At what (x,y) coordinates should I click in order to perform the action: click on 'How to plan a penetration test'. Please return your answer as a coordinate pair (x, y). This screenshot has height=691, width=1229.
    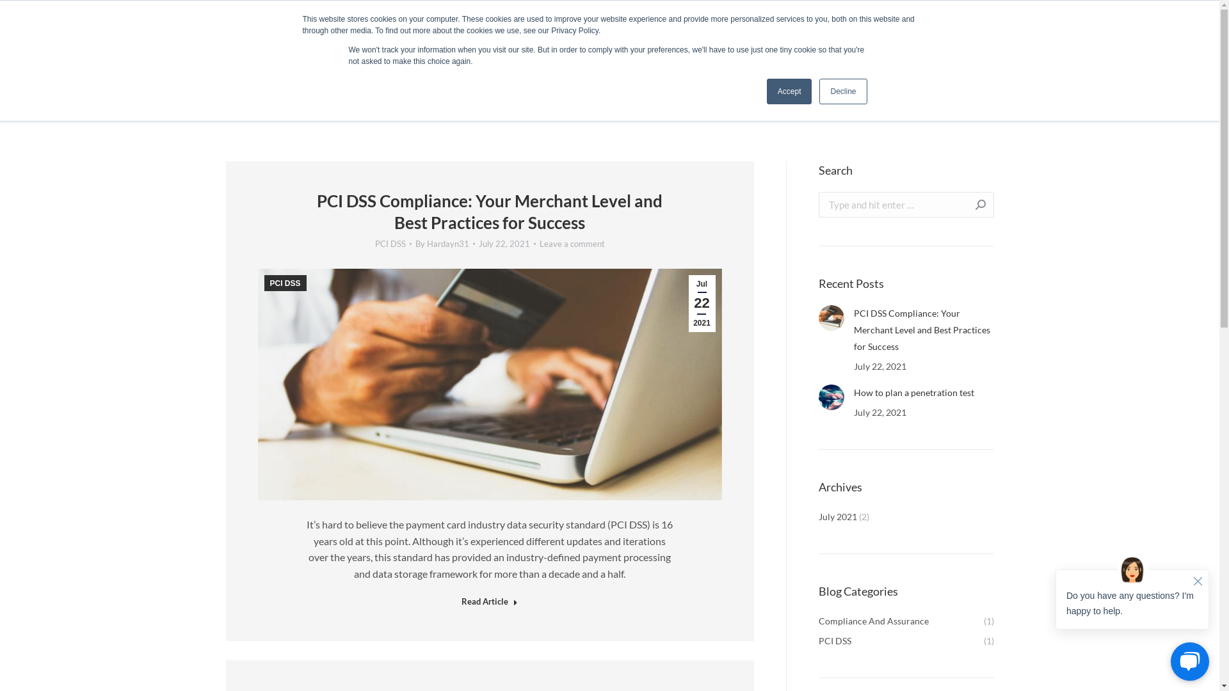
    Looking at the image, I should click on (913, 392).